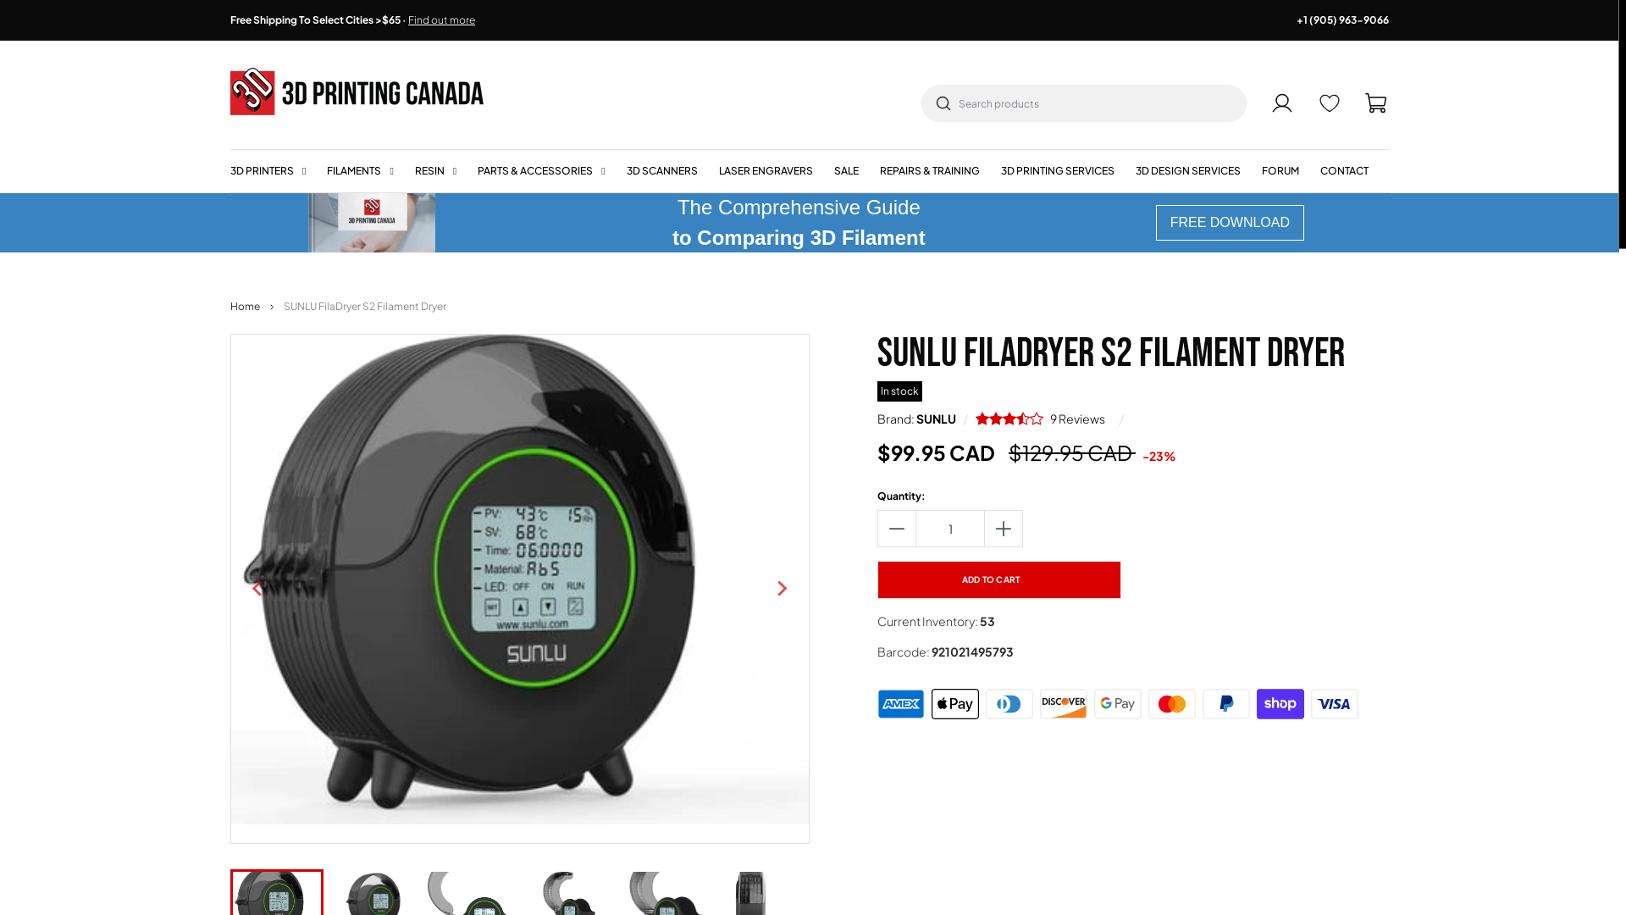 This screenshot has width=1626, height=915. Describe the element at coordinates (359, 170) in the screenshot. I see `'FILAMENTS'` at that location.